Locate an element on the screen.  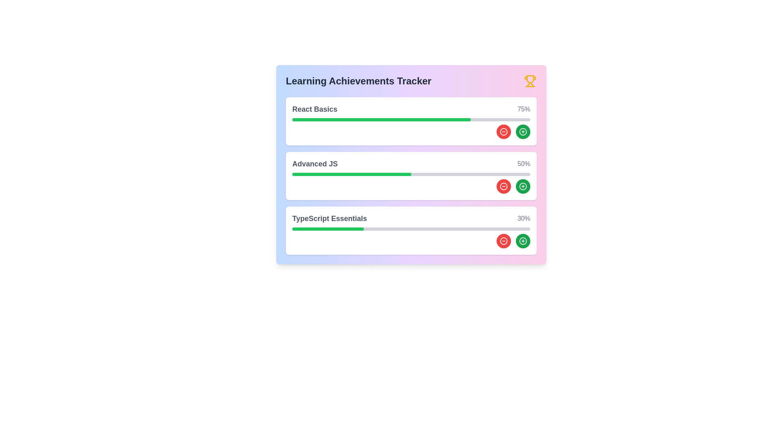
the red minus icon button located in the middle of the second row labeled 'Advanced JS' for accessibility purposes is located at coordinates (503, 186).